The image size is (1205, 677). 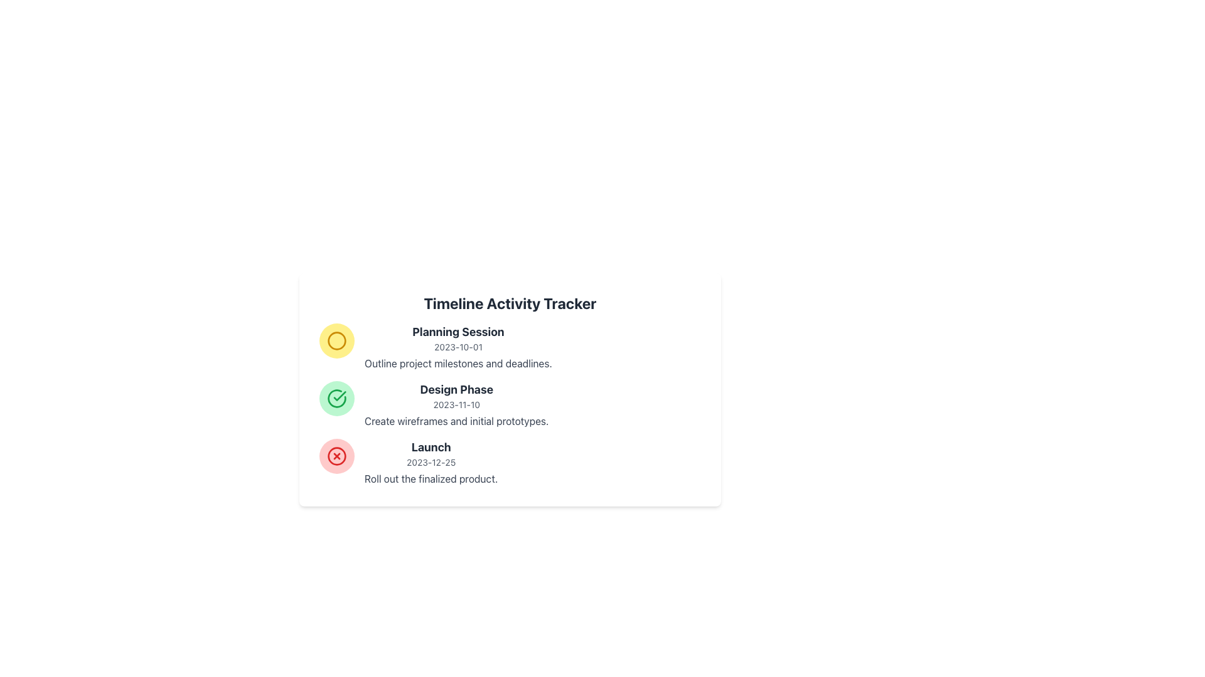 I want to click on the text label displaying 'Roll out the finalized product.' in gray font within the 'Launch' section, so click(x=431, y=478).